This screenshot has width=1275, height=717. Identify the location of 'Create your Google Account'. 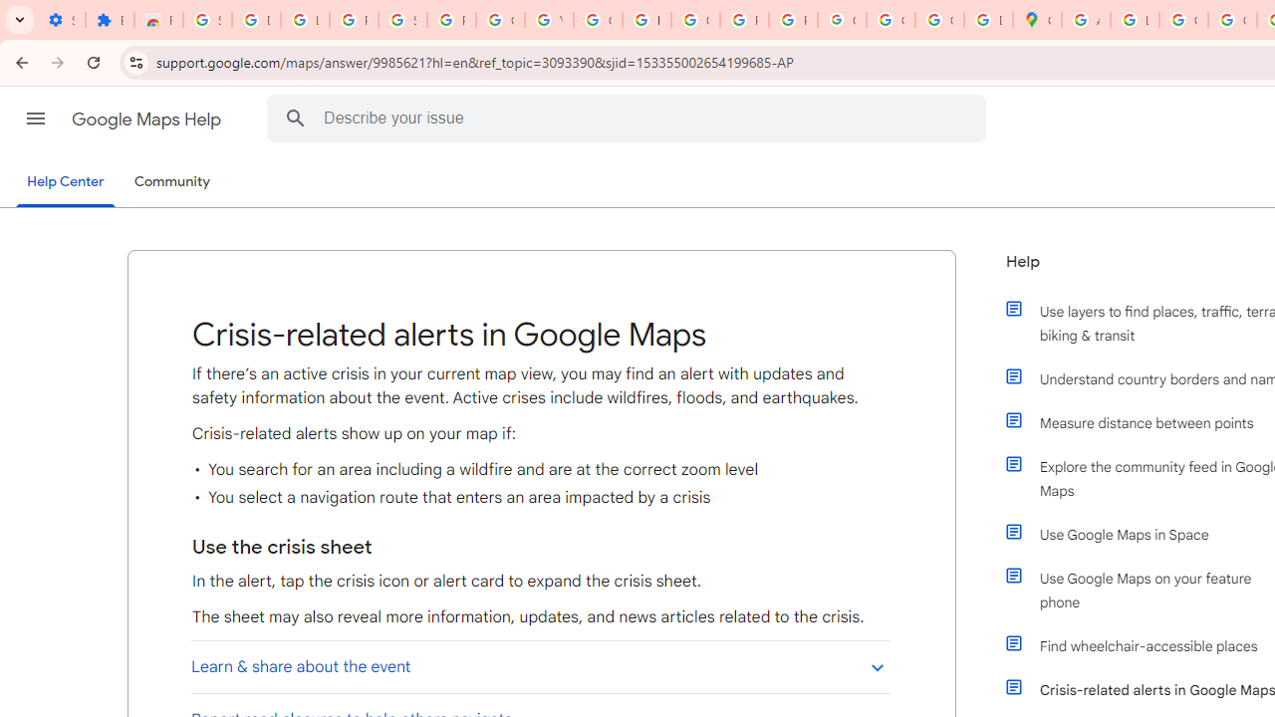
(1183, 20).